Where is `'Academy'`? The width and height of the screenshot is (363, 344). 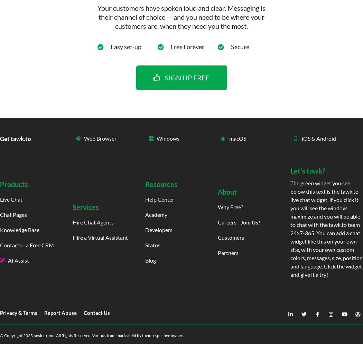 'Academy' is located at coordinates (145, 214).